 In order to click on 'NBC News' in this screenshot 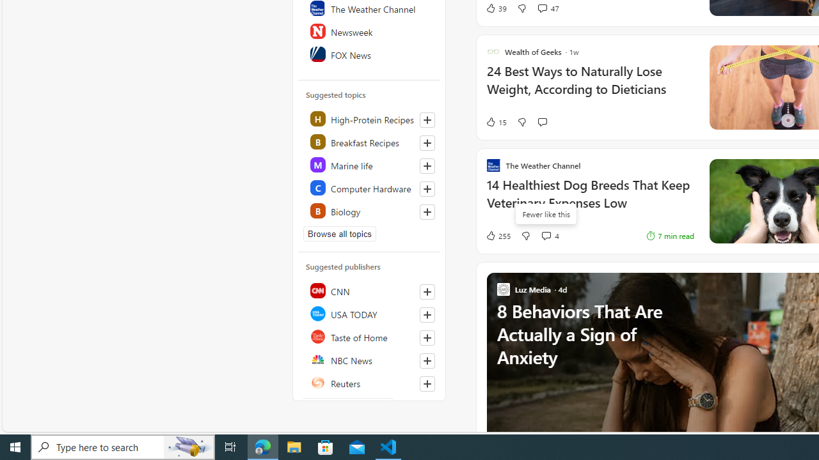, I will do `click(369, 360)`.